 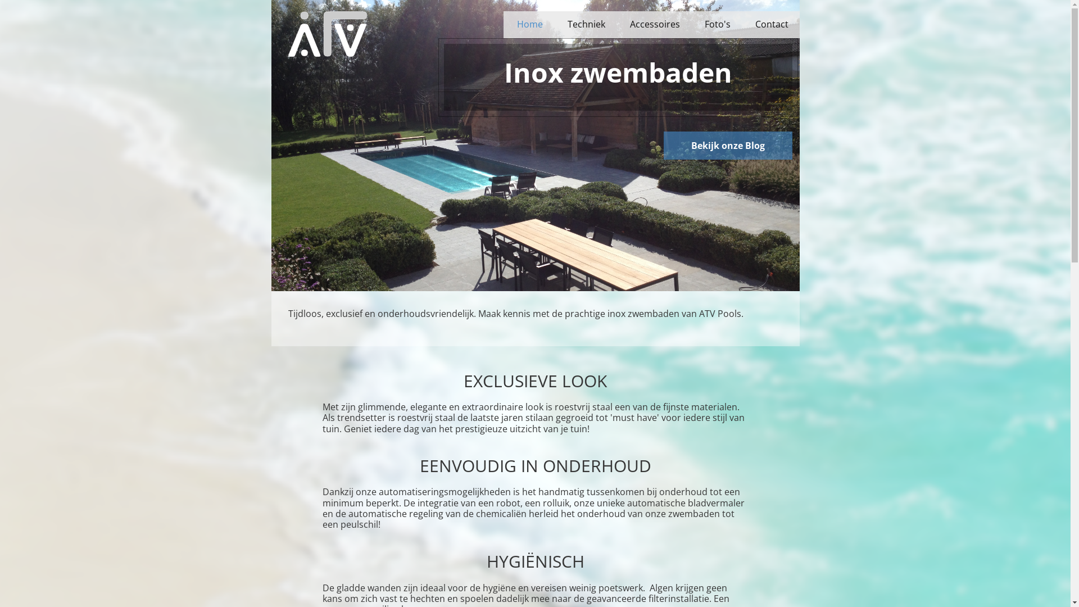 I want to click on 'Bekijk onze Blog', so click(x=727, y=144).